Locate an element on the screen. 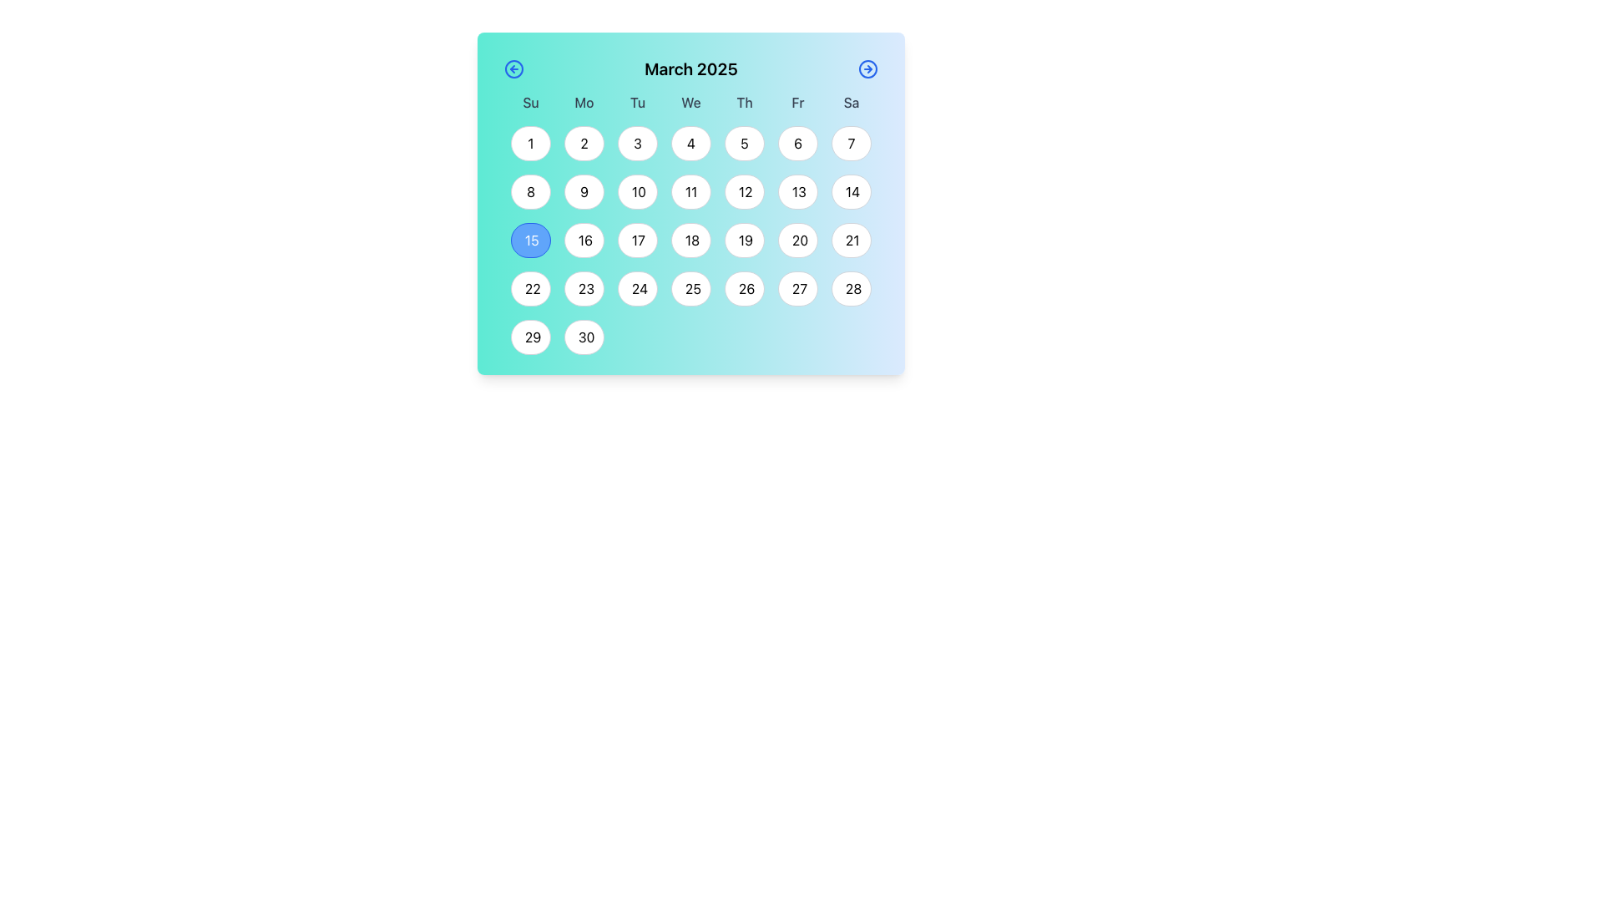 This screenshot has height=902, width=1603. the forward navigation icon button located at the top-right corner of the calendar interface, aligned with the 'March 2025' header is located at coordinates (868, 68).